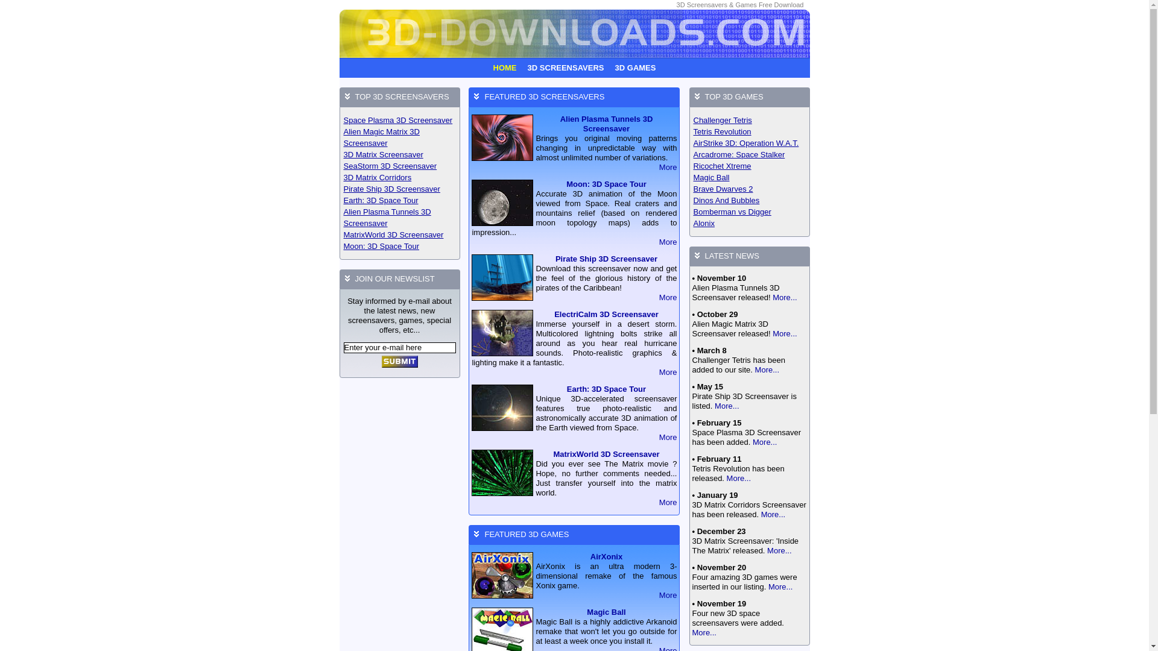  Describe the element at coordinates (749, 211) in the screenshot. I see `'Bomberman vs Digger'` at that location.